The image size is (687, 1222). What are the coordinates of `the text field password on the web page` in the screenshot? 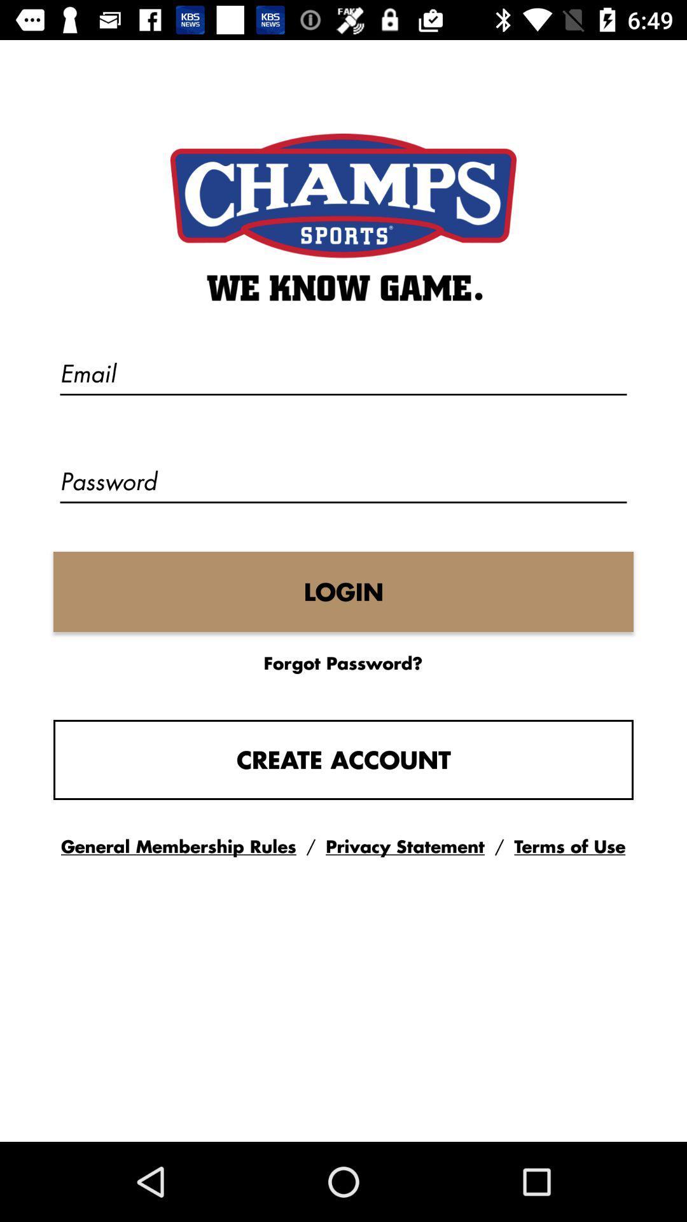 It's located at (343, 484).